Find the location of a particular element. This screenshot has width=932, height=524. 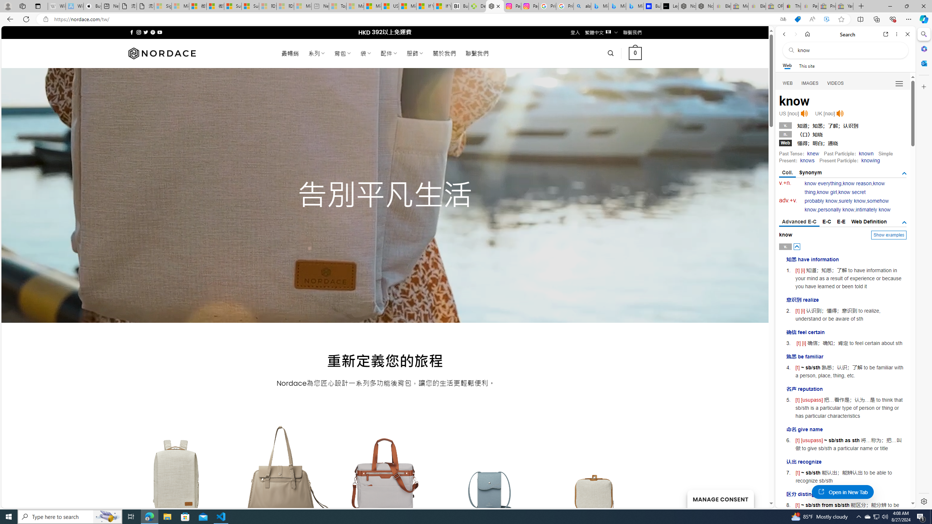

'alabama high school quarterback dies - Search' is located at coordinates (582, 6).